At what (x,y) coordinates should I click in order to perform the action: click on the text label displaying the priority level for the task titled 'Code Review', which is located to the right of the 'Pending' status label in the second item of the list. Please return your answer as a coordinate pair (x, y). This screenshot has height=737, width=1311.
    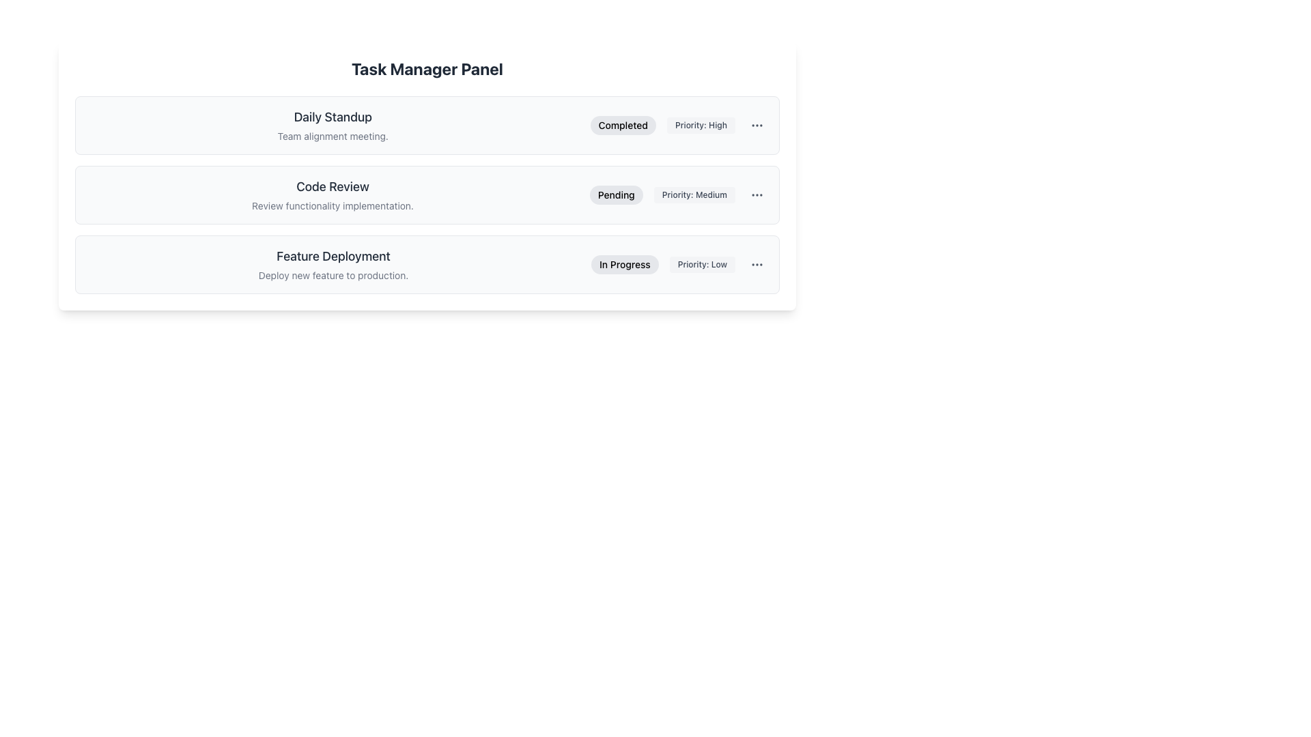
    Looking at the image, I should click on (694, 194).